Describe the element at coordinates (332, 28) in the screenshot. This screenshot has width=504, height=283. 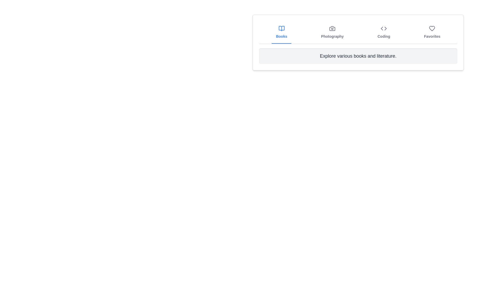
I see `the camera icon, which is a simple line drawing symbol located above the text 'Photography' and is the second item from the left in a horizontal set of elements` at that location.